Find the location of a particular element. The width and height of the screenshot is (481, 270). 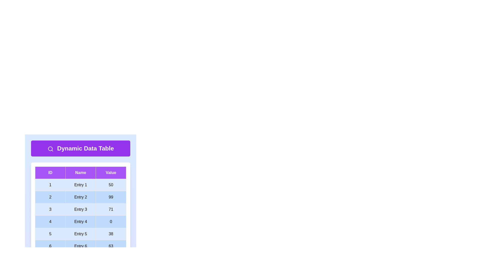

the search icon in the header section is located at coordinates (50, 148).